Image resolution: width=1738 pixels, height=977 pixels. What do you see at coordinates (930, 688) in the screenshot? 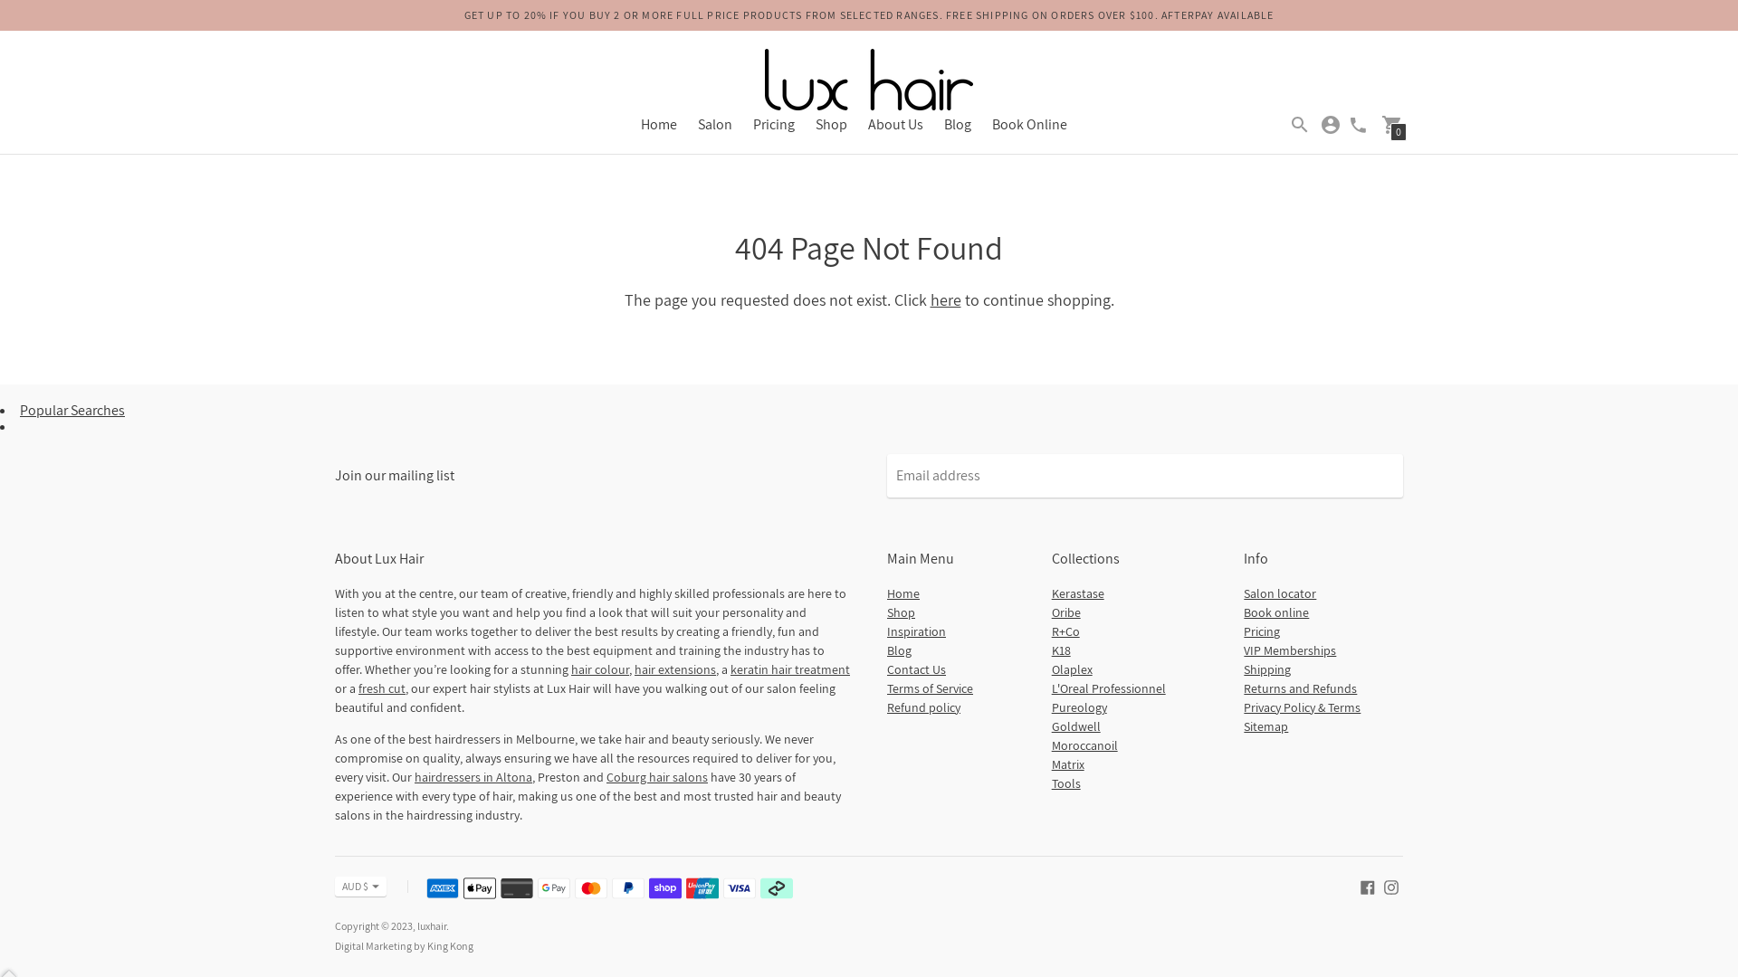
I see `'Terms of Service'` at bounding box center [930, 688].